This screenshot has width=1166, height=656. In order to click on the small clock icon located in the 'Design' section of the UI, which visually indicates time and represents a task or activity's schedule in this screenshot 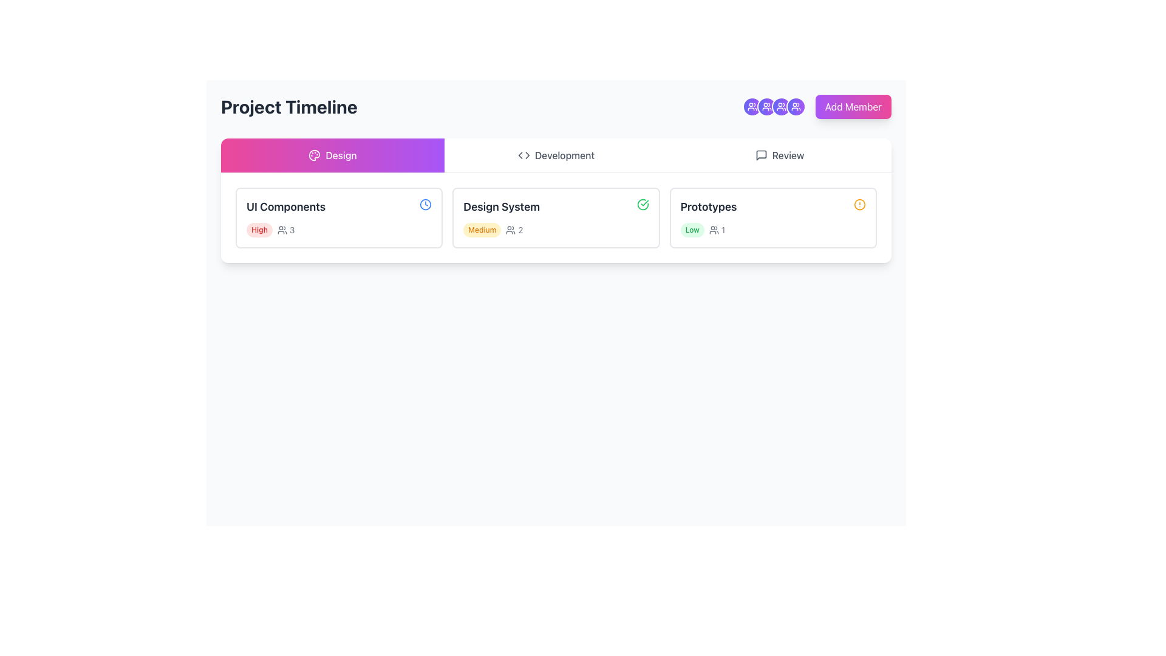, I will do `click(426, 203)`.